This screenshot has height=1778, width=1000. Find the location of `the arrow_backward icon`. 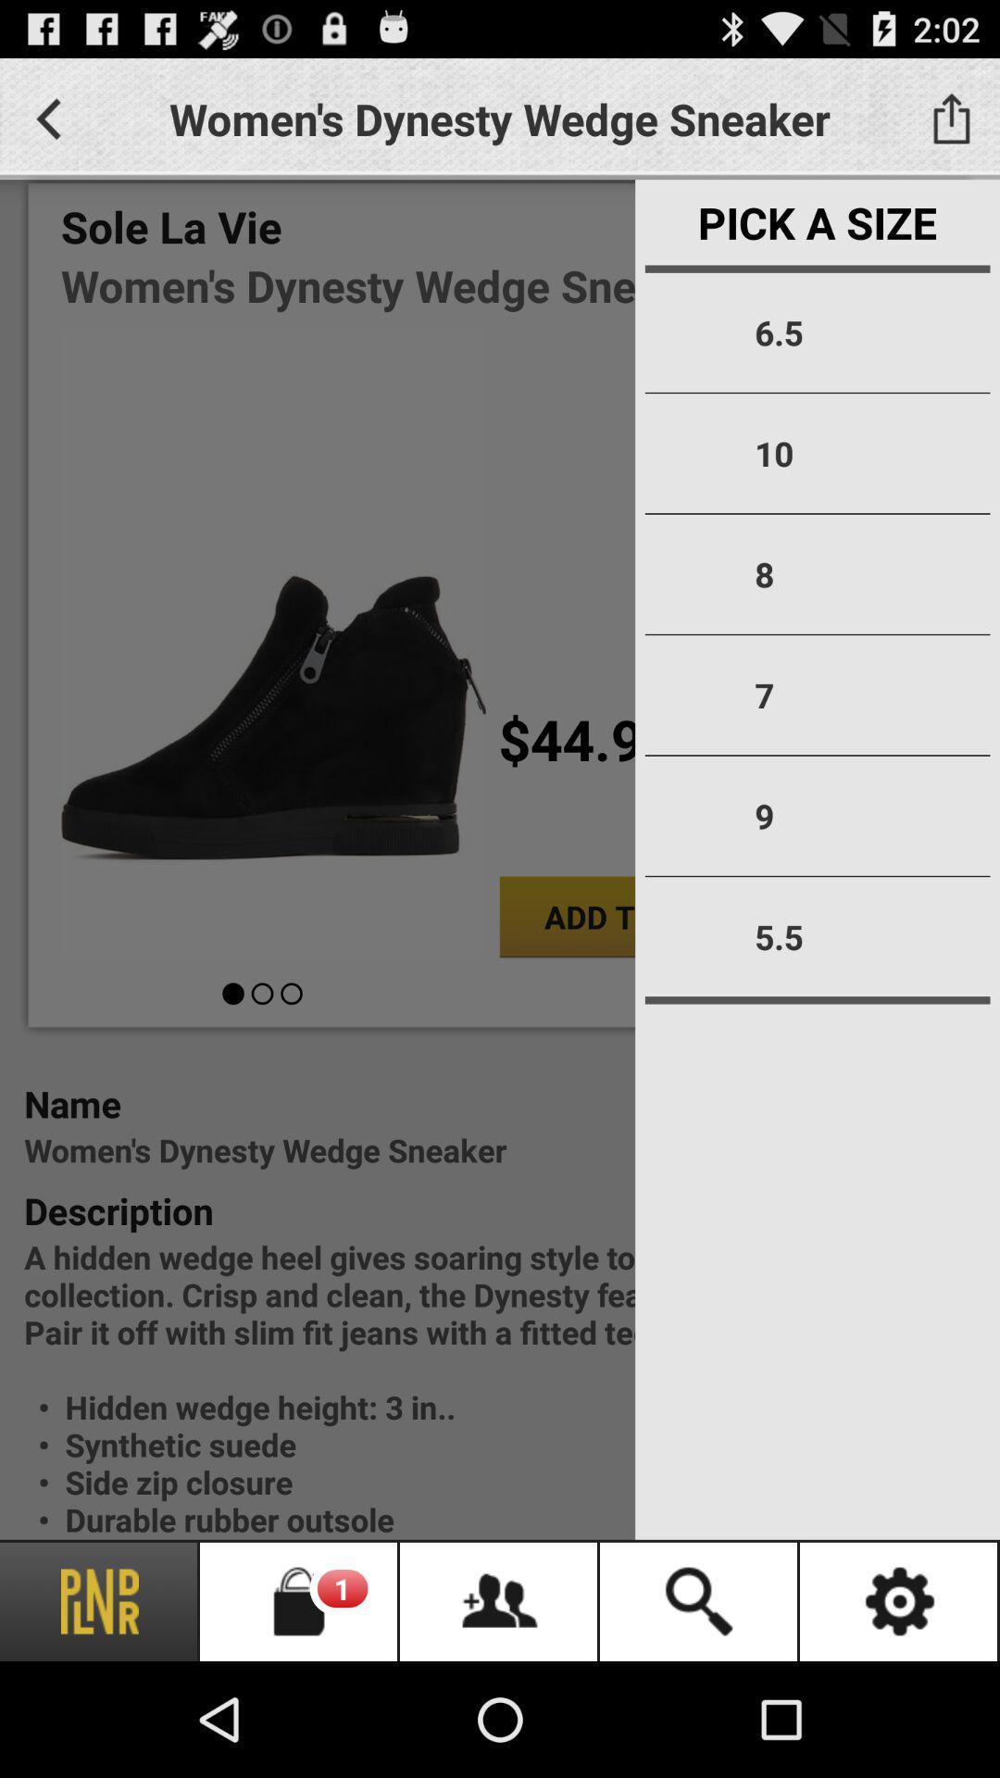

the arrow_backward icon is located at coordinates (47, 126).